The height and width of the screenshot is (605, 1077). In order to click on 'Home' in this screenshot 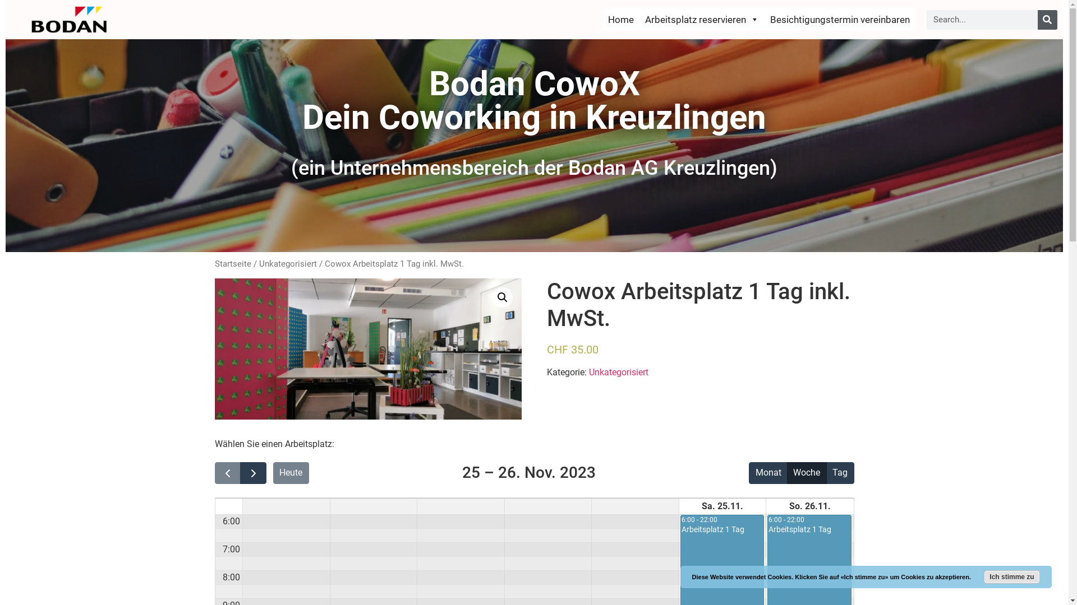, I will do `click(602, 19)`.